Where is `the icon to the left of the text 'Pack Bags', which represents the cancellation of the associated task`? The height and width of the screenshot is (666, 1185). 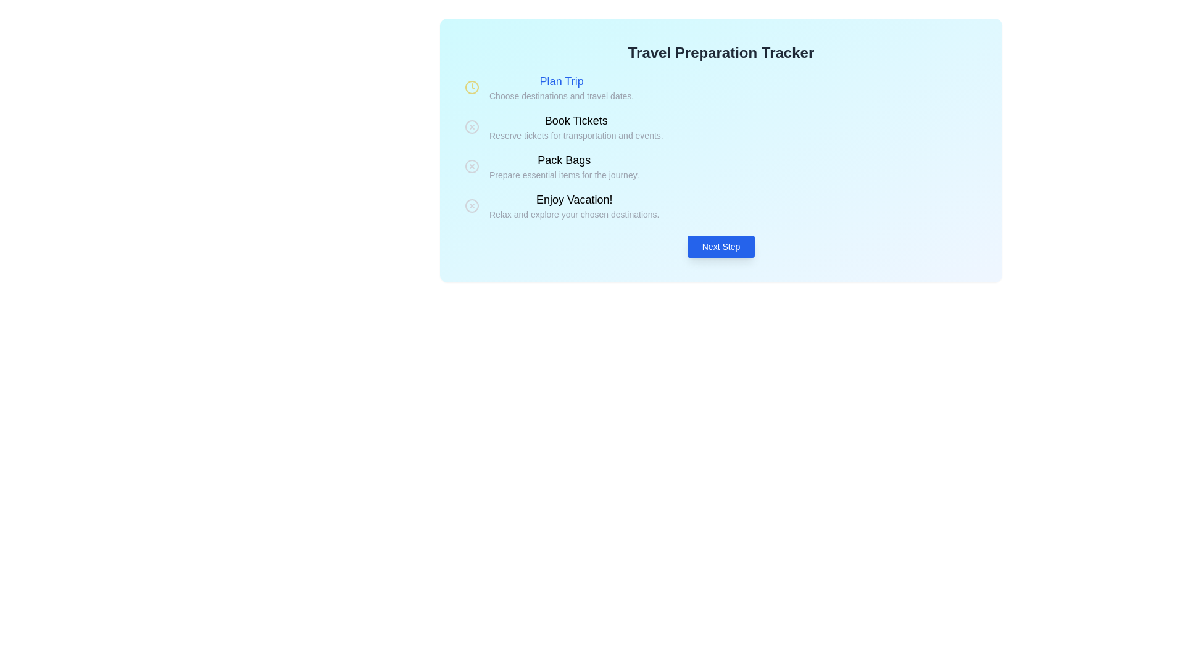 the icon to the left of the text 'Pack Bags', which represents the cancellation of the associated task is located at coordinates (471, 166).